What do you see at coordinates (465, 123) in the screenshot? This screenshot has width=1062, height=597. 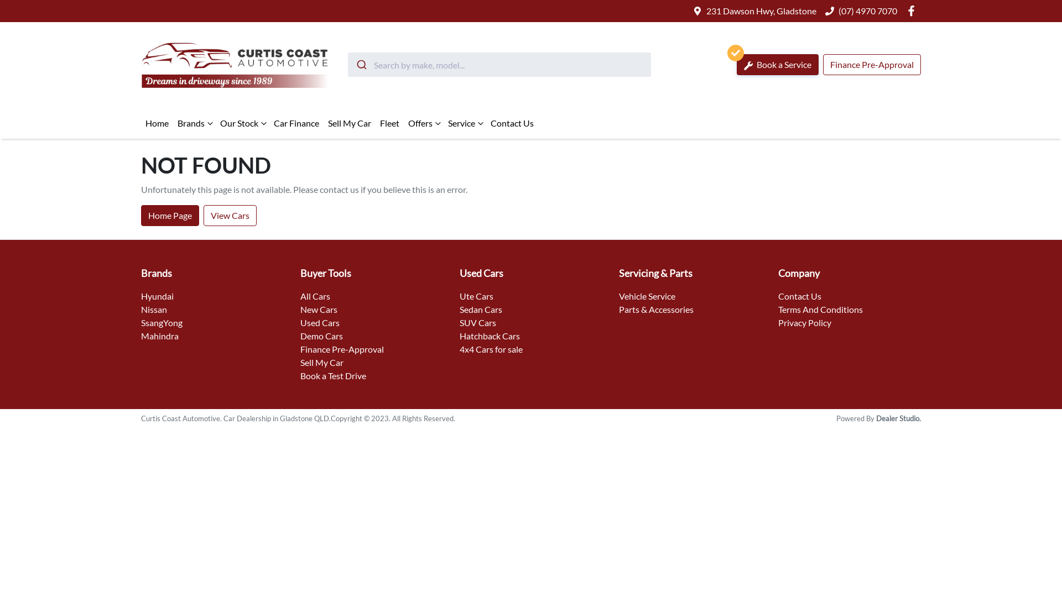 I see `'Service'` at bounding box center [465, 123].